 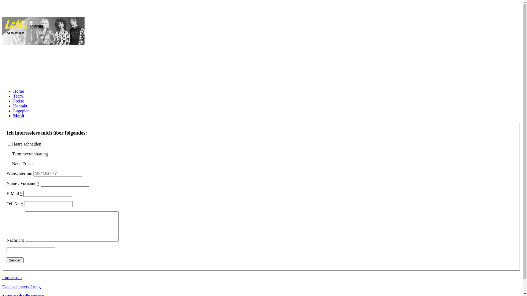 I want to click on 'Home', so click(x=18, y=91).